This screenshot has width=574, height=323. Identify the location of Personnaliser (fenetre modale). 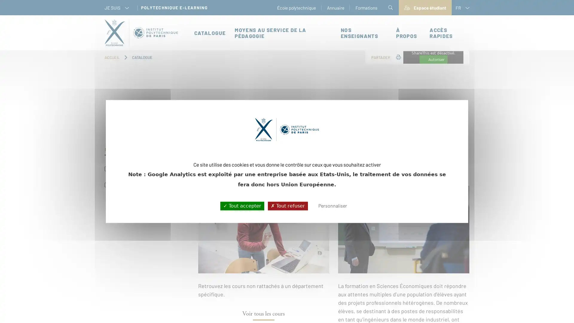
(332, 206).